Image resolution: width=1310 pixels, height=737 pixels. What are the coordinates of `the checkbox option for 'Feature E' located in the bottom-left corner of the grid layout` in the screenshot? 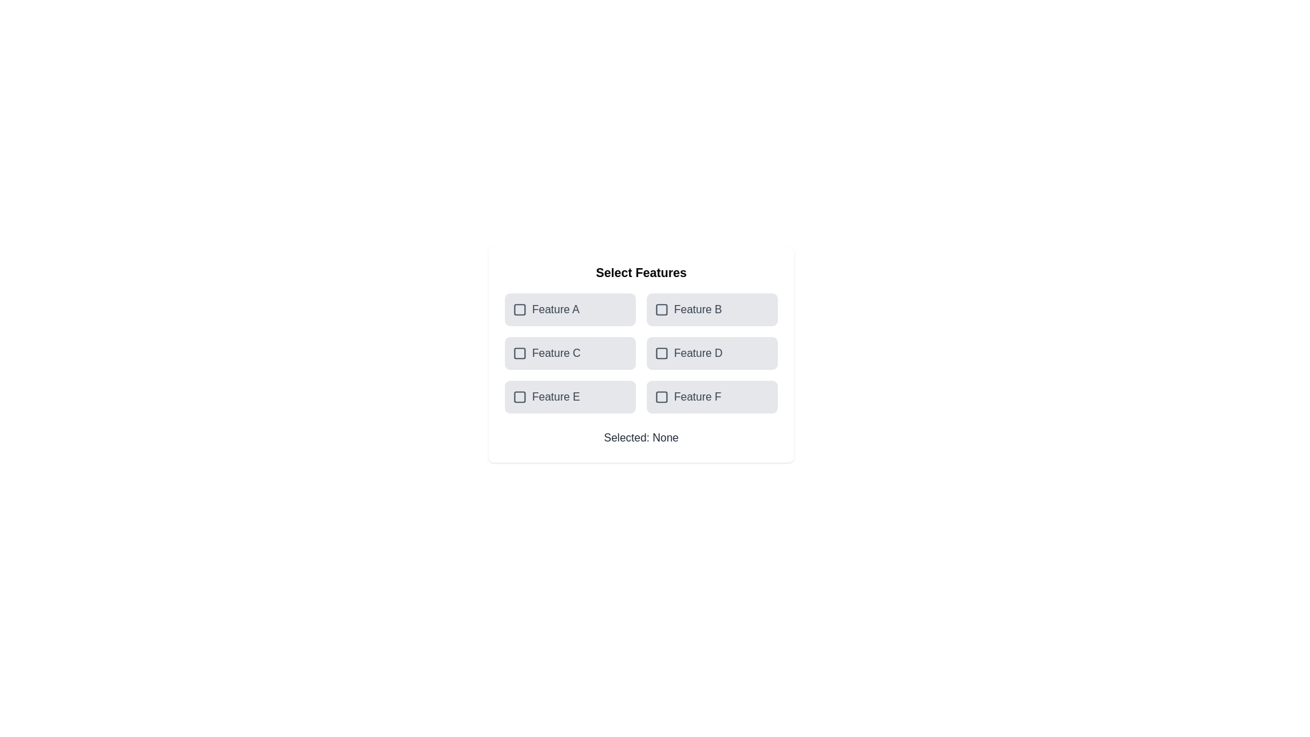 It's located at (570, 397).